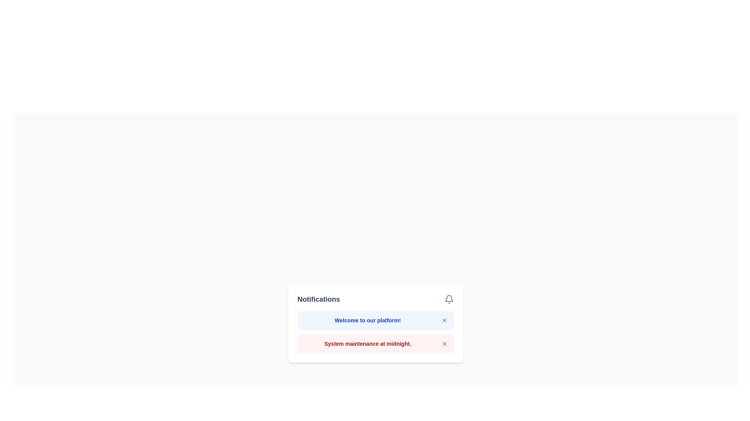 The height and width of the screenshot is (421, 750). I want to click on the notification card with red background stating 'System maintenance at midnight', so click(375, 343).